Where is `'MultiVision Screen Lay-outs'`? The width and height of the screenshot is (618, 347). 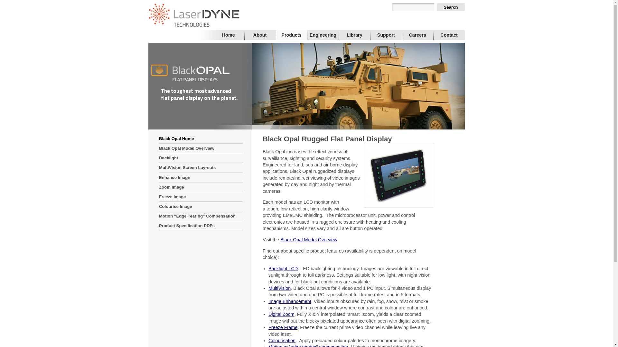
'MultiVision Screen Lay-outs' is located at coordinates (159, 167).